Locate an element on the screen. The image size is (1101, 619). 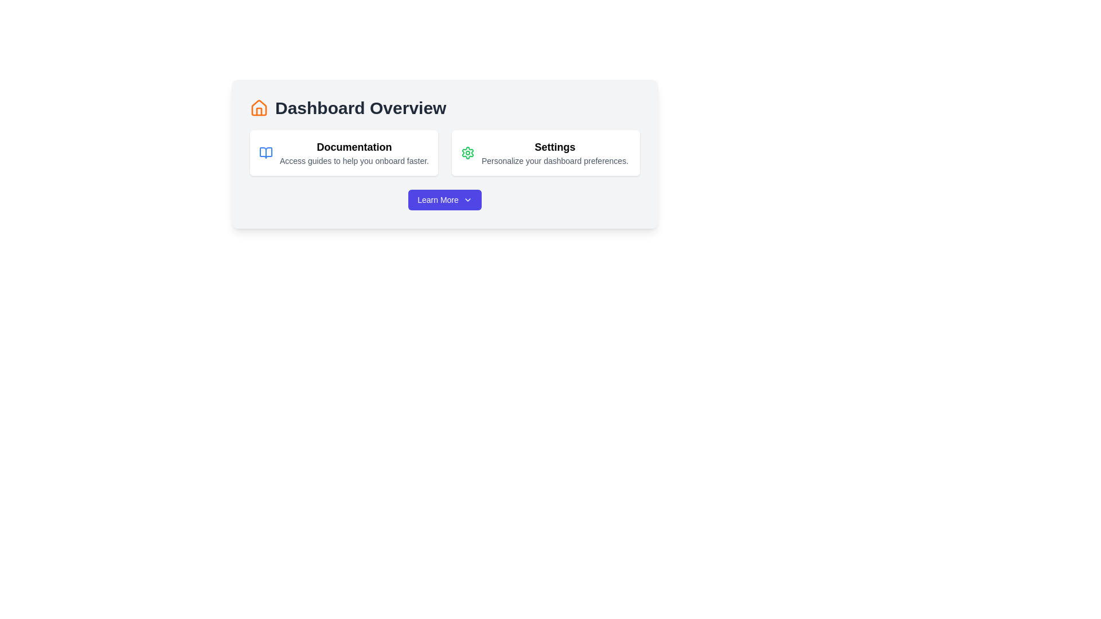
door symbol within the house icon located to the left of the 'Dashboard Overview' heading by clicking on its center is located at coordinates (258, 112).